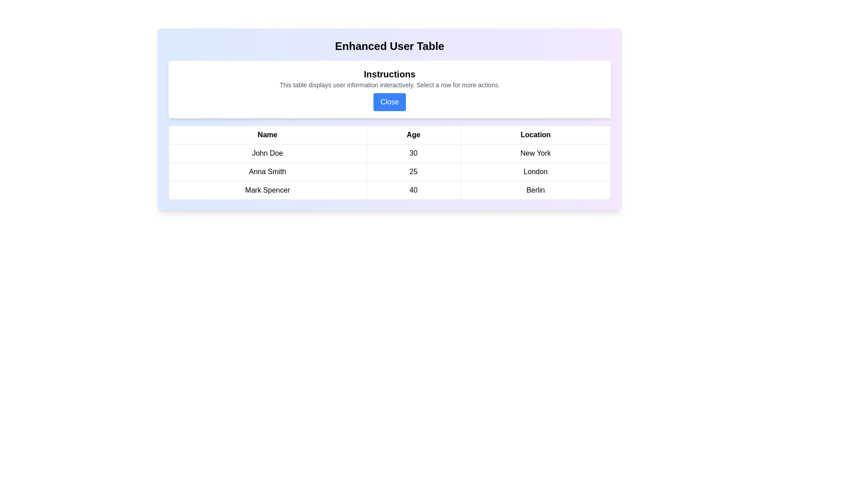  I want to click on the table header labeled 'Location', which is the rightmost column header in a row of three headers ('Name', 'Age', 'Location'), so click(536, 135).